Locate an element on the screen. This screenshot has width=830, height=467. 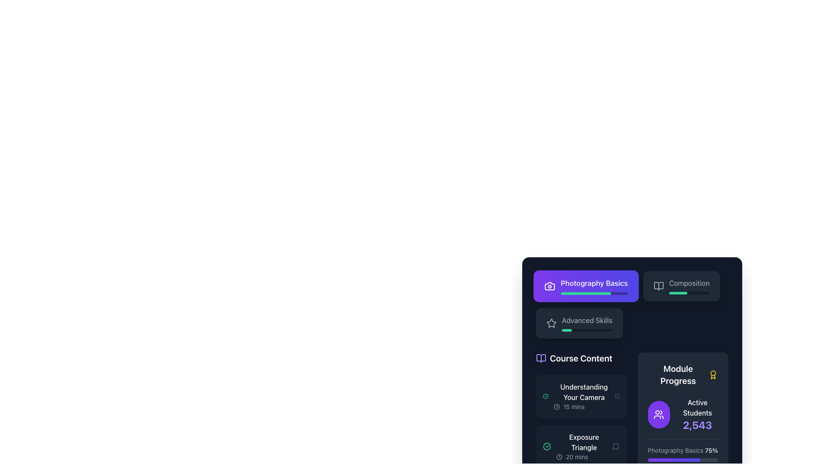
the List item representing the course lesson 'Exposure Triangle' is located at coordinates (577, 447).